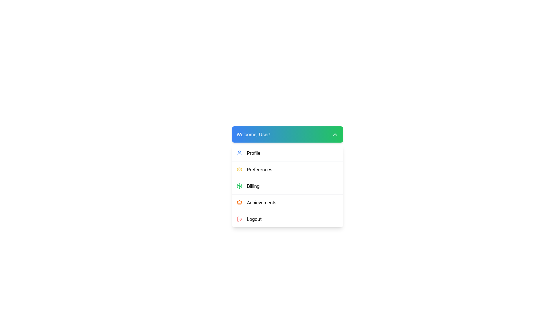 The height and width of the screenshot is (313, 556). What do you see at coordinates (239, 186) in the screenshot?
I see `the green dollar-sign icon encased in a circular badge located to the left of the 'Billing' text in the vertical menu` at bounding box center [239, 186].